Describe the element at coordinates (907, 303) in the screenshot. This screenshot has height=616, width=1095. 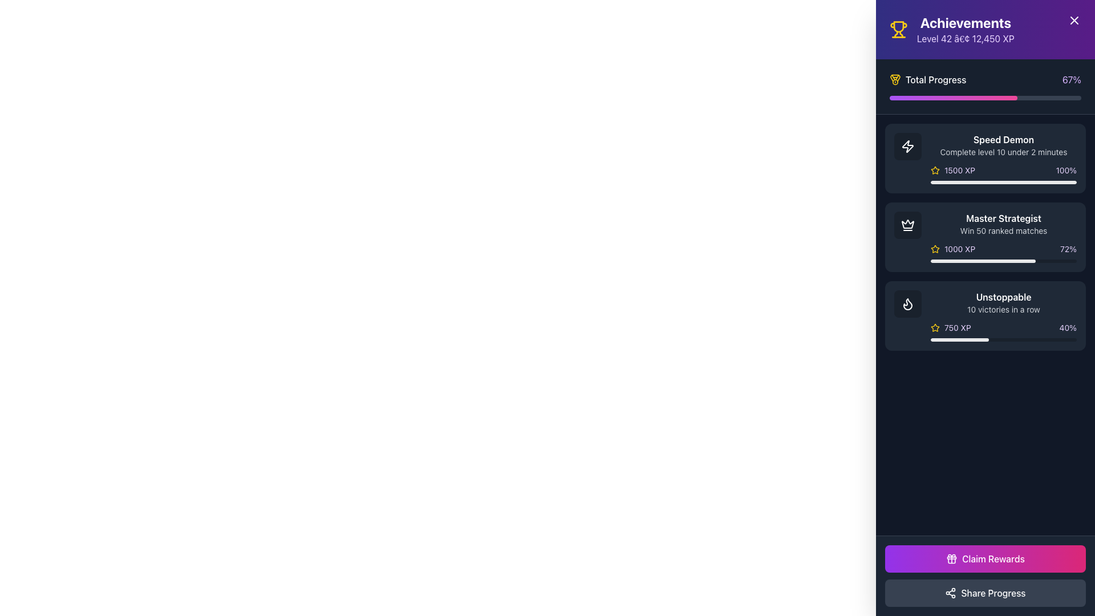
I see `the flame icon in the 'Unstoppable' achievement card, which is a compact box with a dark background and rounded corners, located on the leftmost side above the text '10 victories in a row'` at that location.